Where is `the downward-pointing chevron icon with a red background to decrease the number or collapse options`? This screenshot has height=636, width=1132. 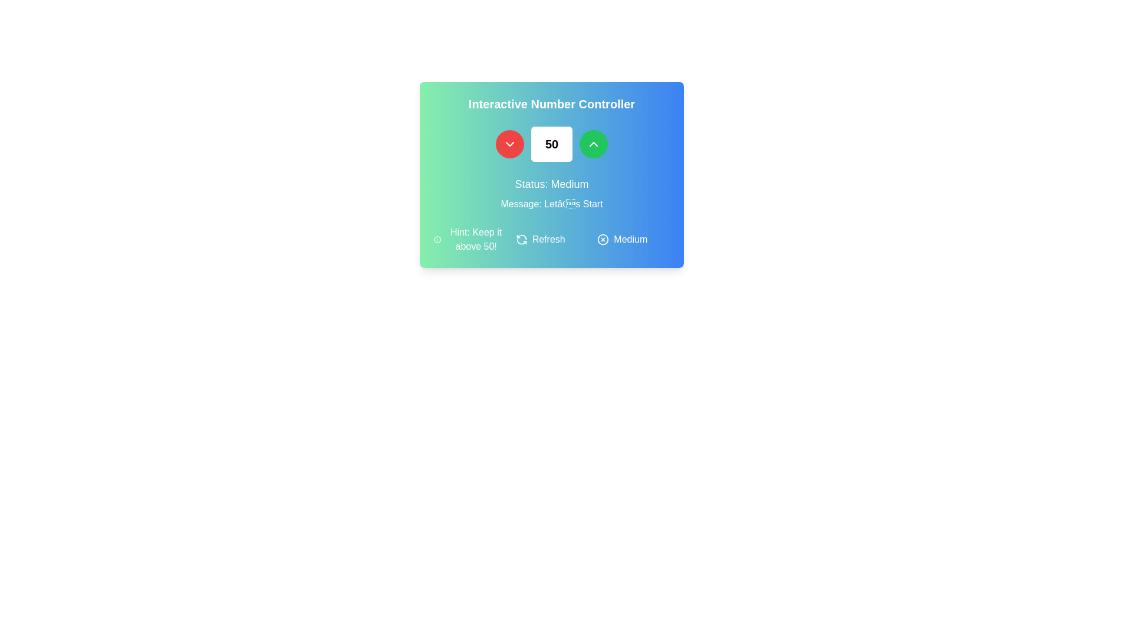 the downward-pointing chevron icon with a red background to decrease the number or collapse options is located at coordinates (509, 144).